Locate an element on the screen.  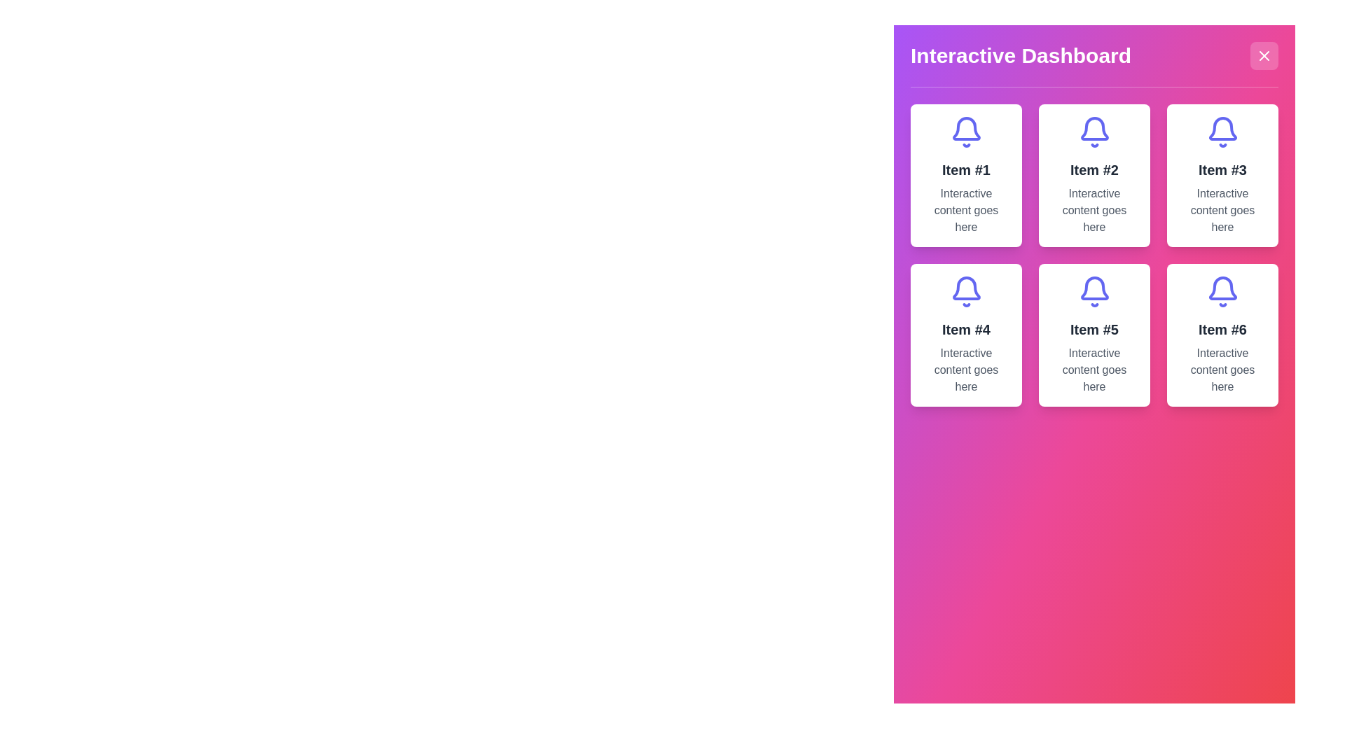
the close button located at the top-right corner of the 'Interactive Dashboard' interface is located at coordinates (1264, 55).